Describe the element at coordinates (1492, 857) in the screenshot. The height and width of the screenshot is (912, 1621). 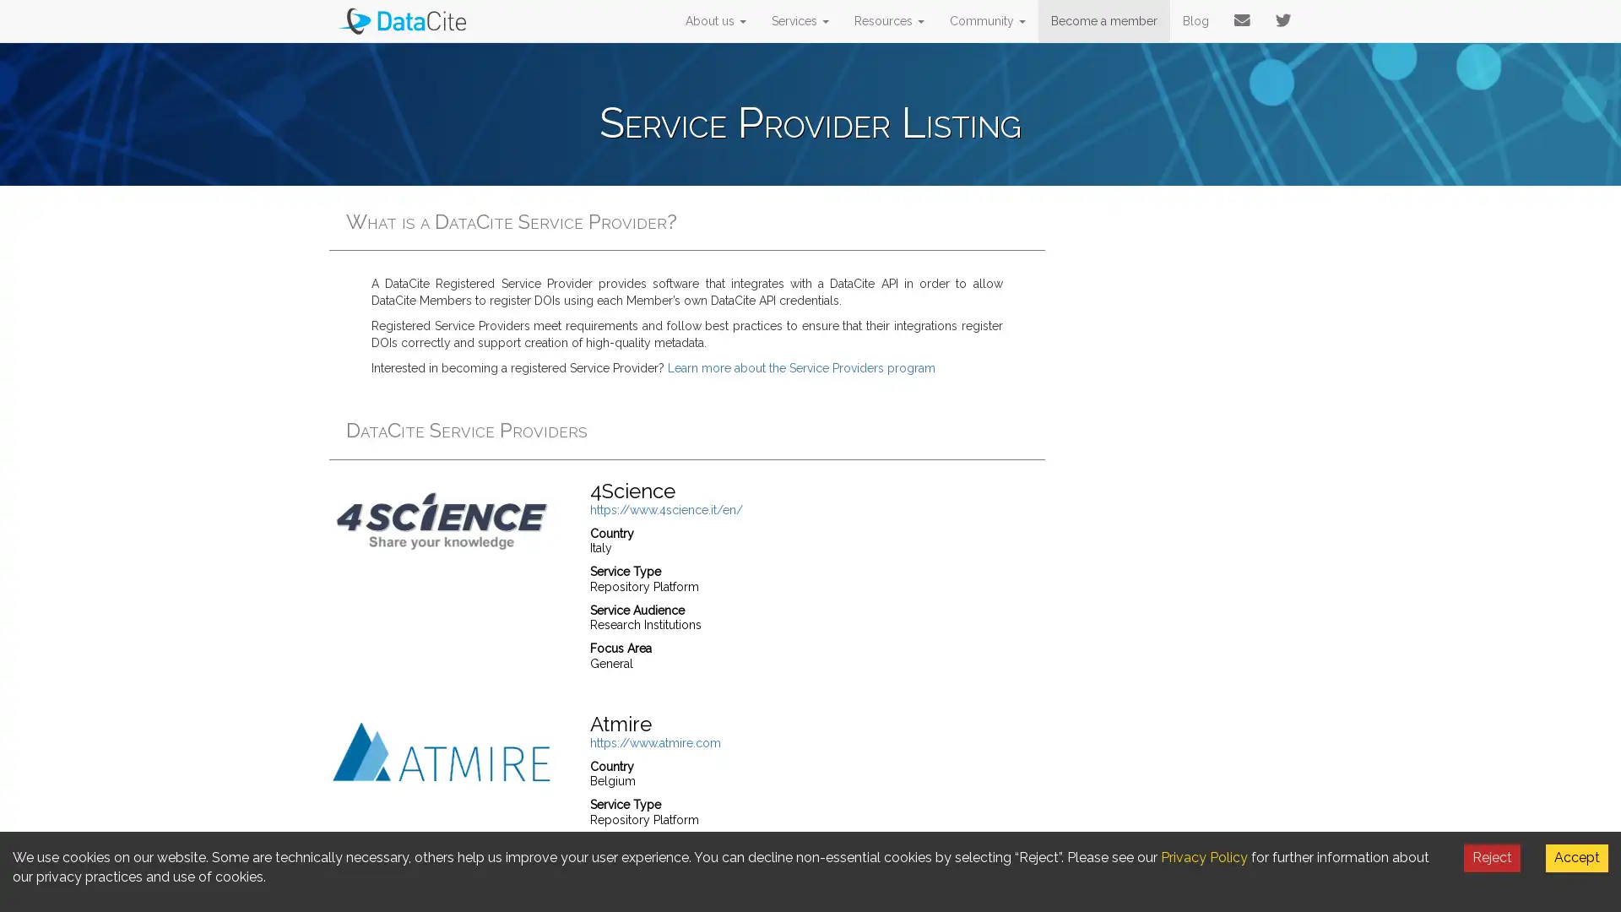
I see `Decline cookies` at that location.